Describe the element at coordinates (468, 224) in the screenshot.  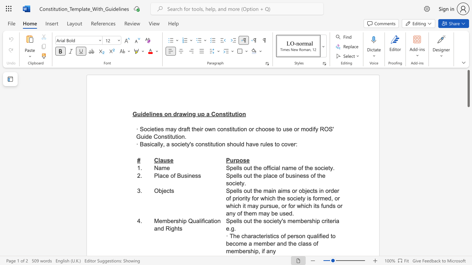
I see `the scrollbar to move the content lower` at that location.